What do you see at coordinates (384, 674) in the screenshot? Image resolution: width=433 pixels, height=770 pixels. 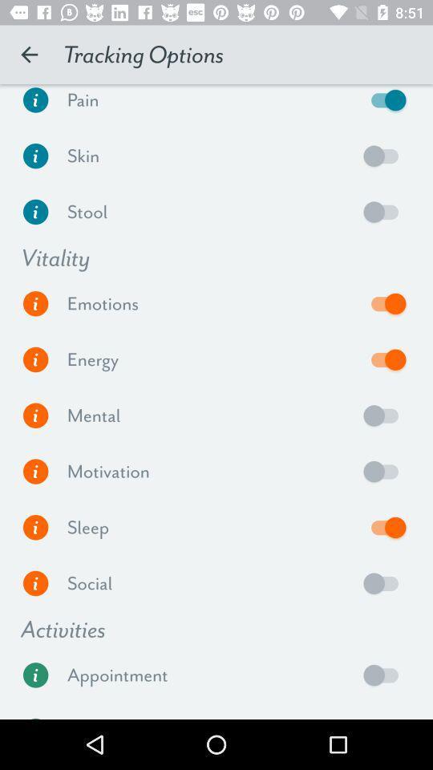 I see `toggles appointment tracking` at bounding box center [384, 674].